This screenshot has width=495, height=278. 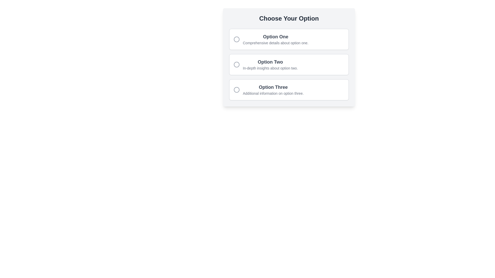 I want to click on text saying 'Additional information on option three.' which is styled in a smaller gray font and located directly beneath the main label 'Option Three', so click(x=273, y=93).